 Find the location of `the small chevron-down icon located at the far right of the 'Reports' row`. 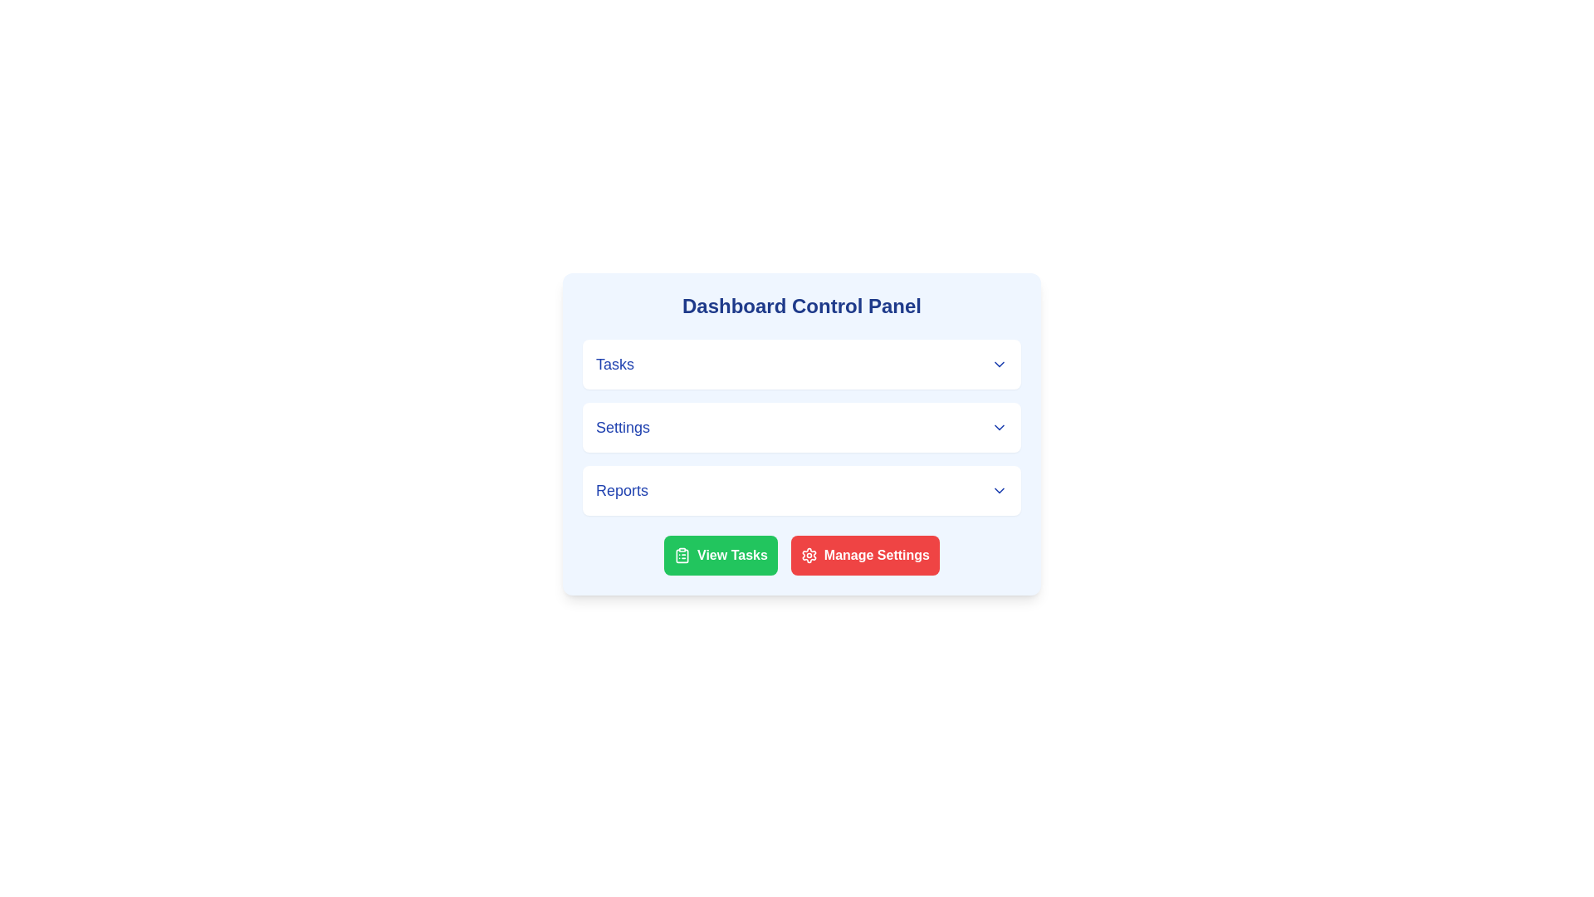

the small chevron-down icon located at the far right of the 'Reports' row is located at coordinates (999, 489).